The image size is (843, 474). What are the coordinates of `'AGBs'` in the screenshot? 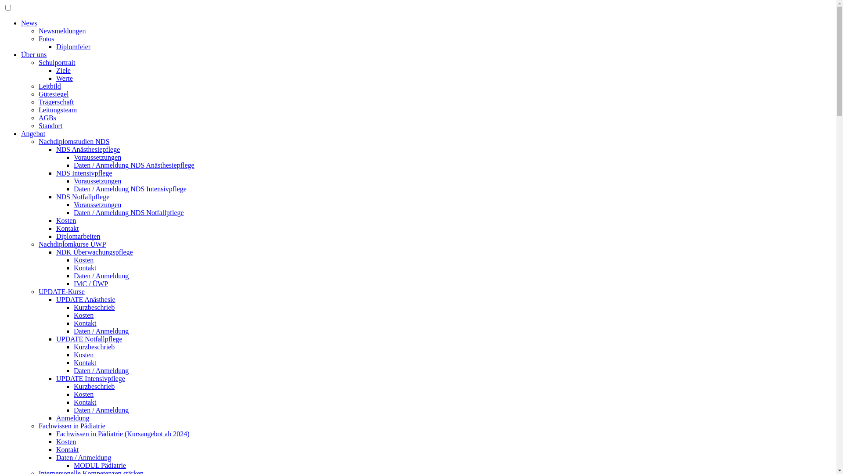 It's located at (47, 117).